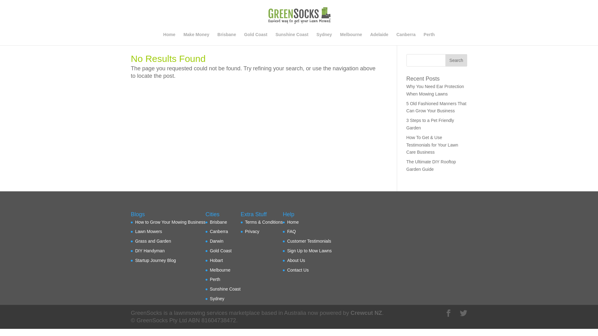 This screenshot has height=336, width=598. I want to click on '3 Steps to a Pet Friendly Garden', so click(406, 124).